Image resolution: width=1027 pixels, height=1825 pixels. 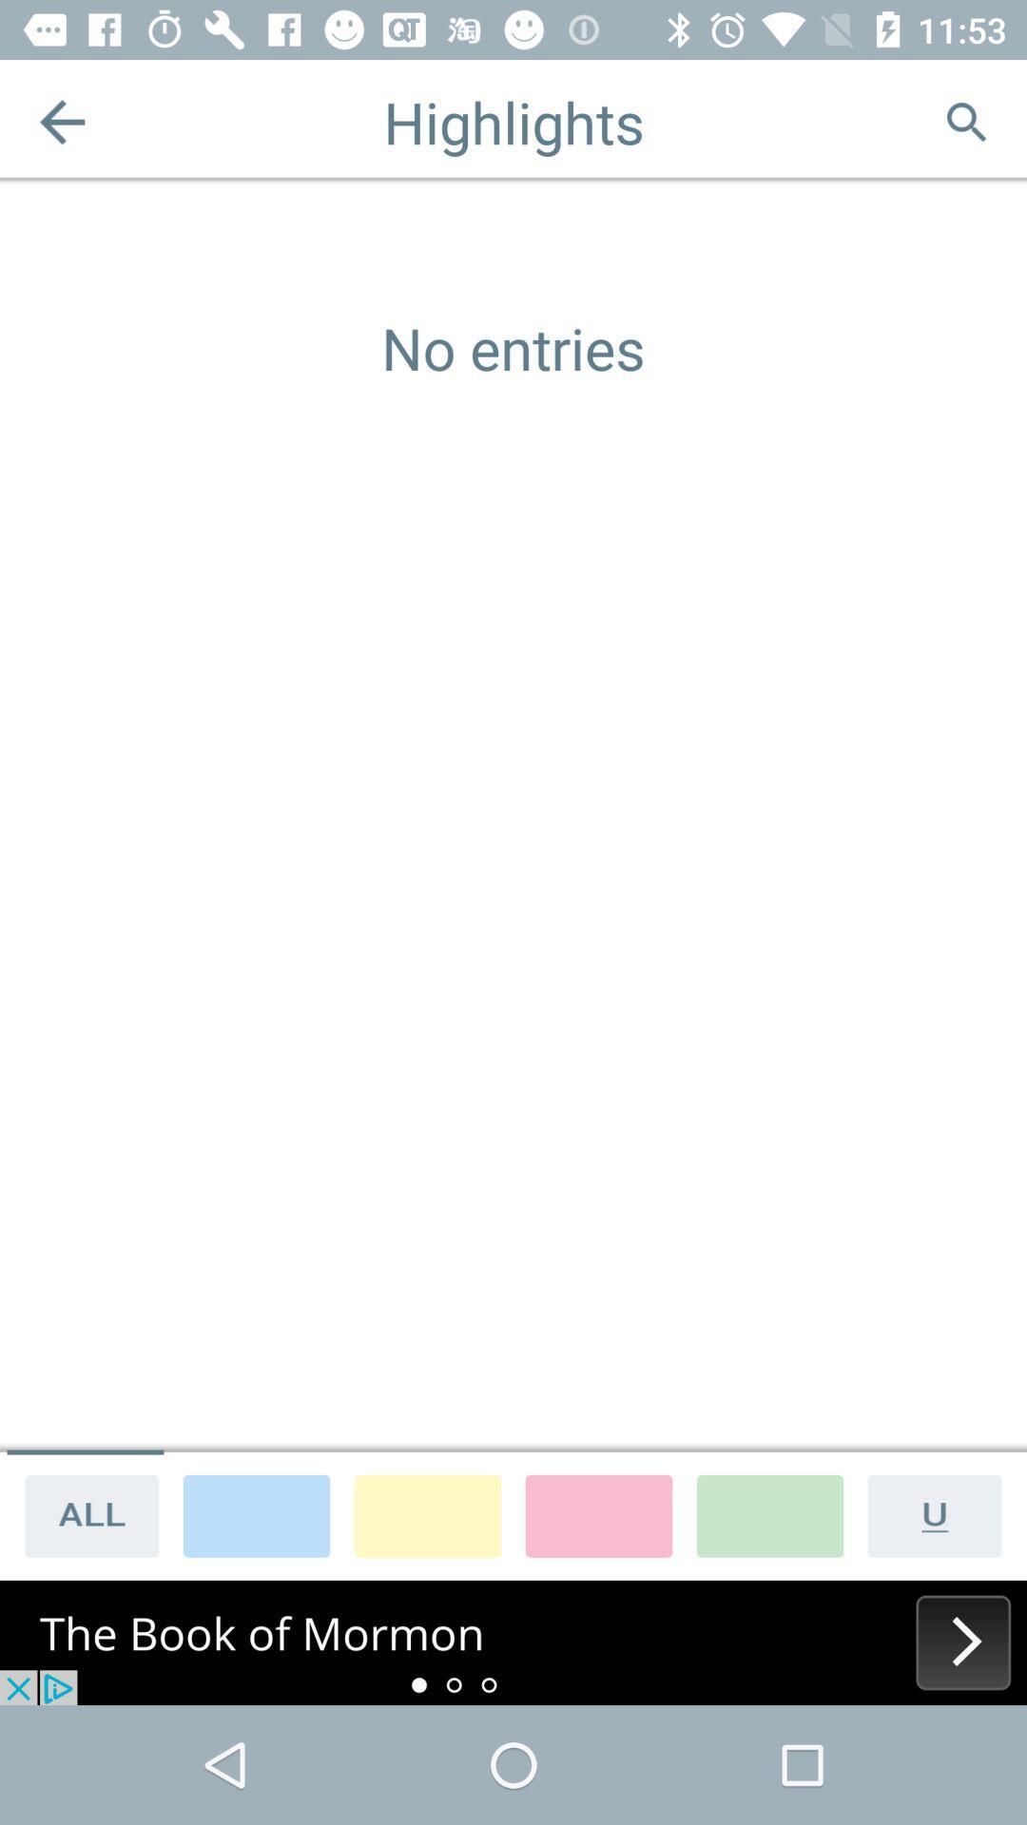 What do you see at coordinates (941, 1514) in the screenshot?
I see `underline option` at bounding box center [941, 1514].